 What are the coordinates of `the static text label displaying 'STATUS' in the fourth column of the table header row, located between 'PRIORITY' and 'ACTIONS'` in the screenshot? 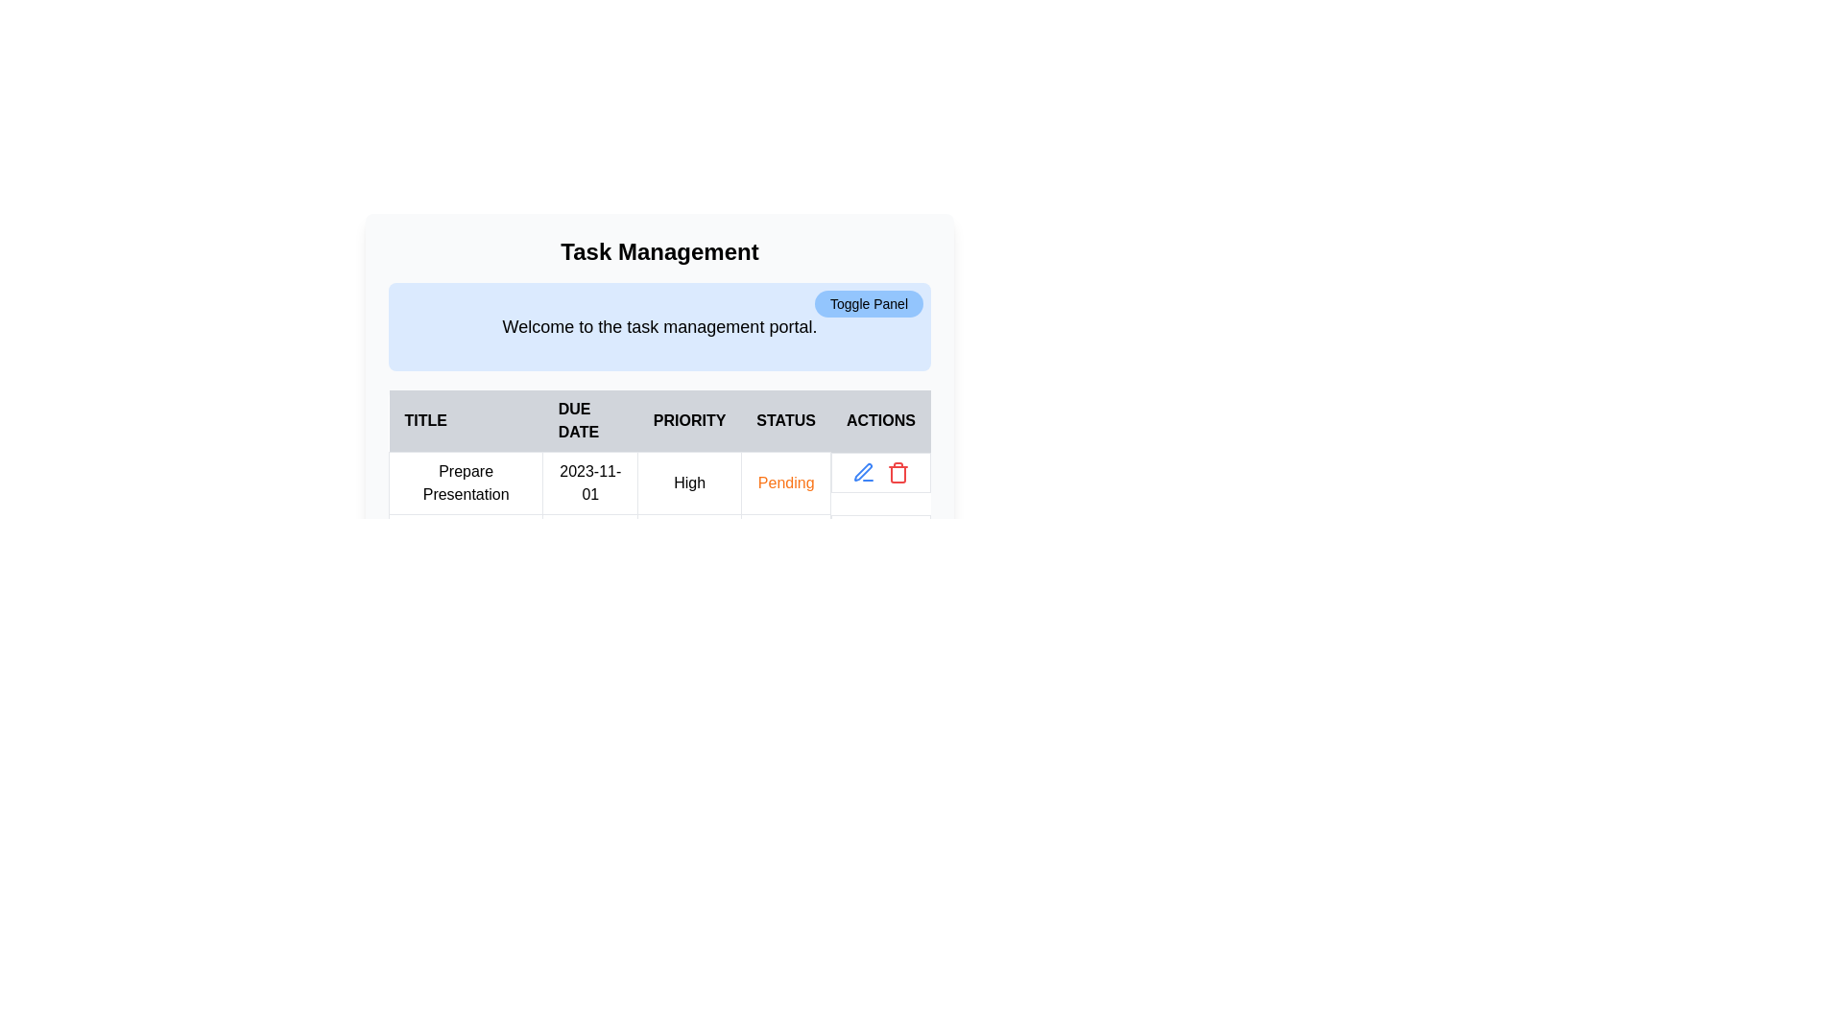 It's located at (786, 420).